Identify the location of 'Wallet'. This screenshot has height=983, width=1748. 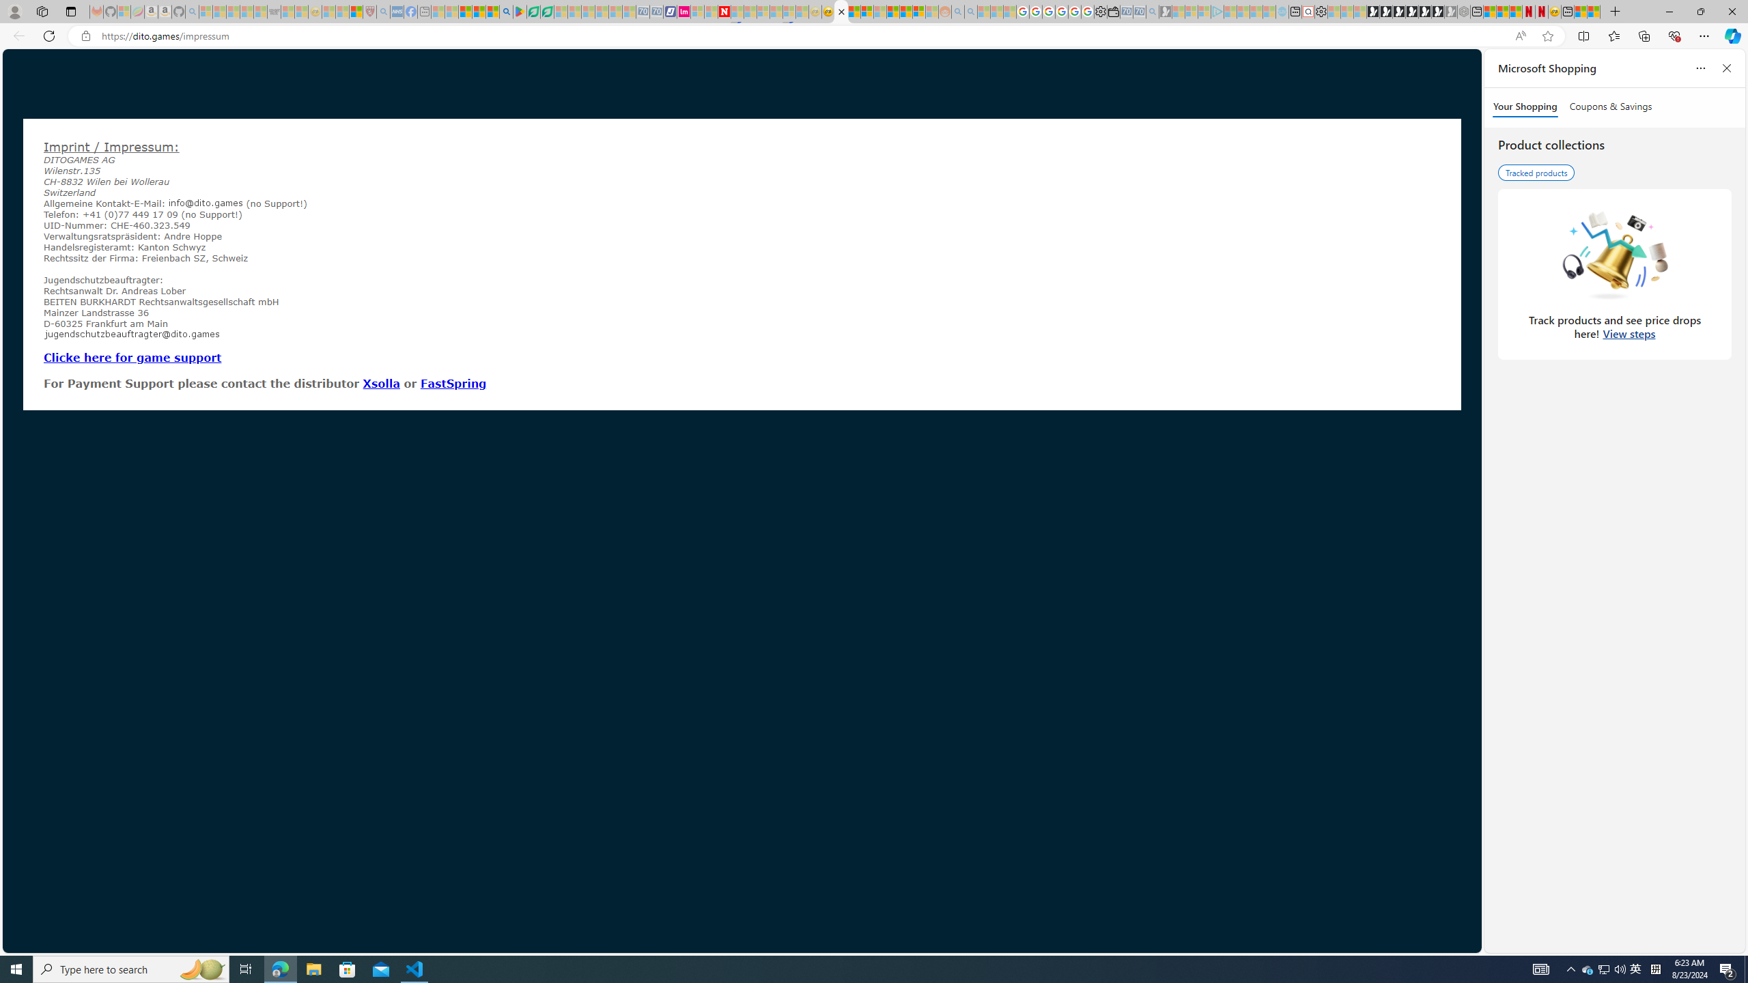
(1113, 11).